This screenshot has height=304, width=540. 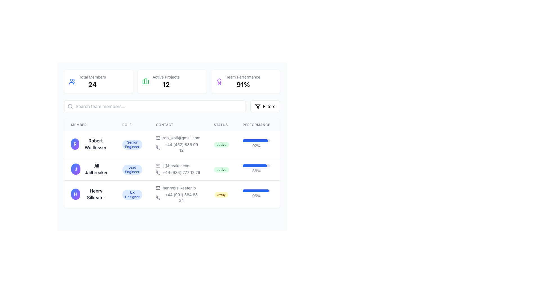 What do you see at coordinates (178, 138) in the screenshot?
I see `the email address element displaying the user's contact information, which is located to the right of the user's avatar and name` at bounding box center [178, 138].